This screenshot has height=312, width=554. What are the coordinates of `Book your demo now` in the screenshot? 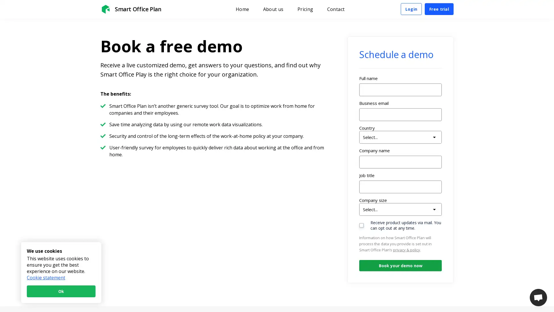 It's located at (400, 265).